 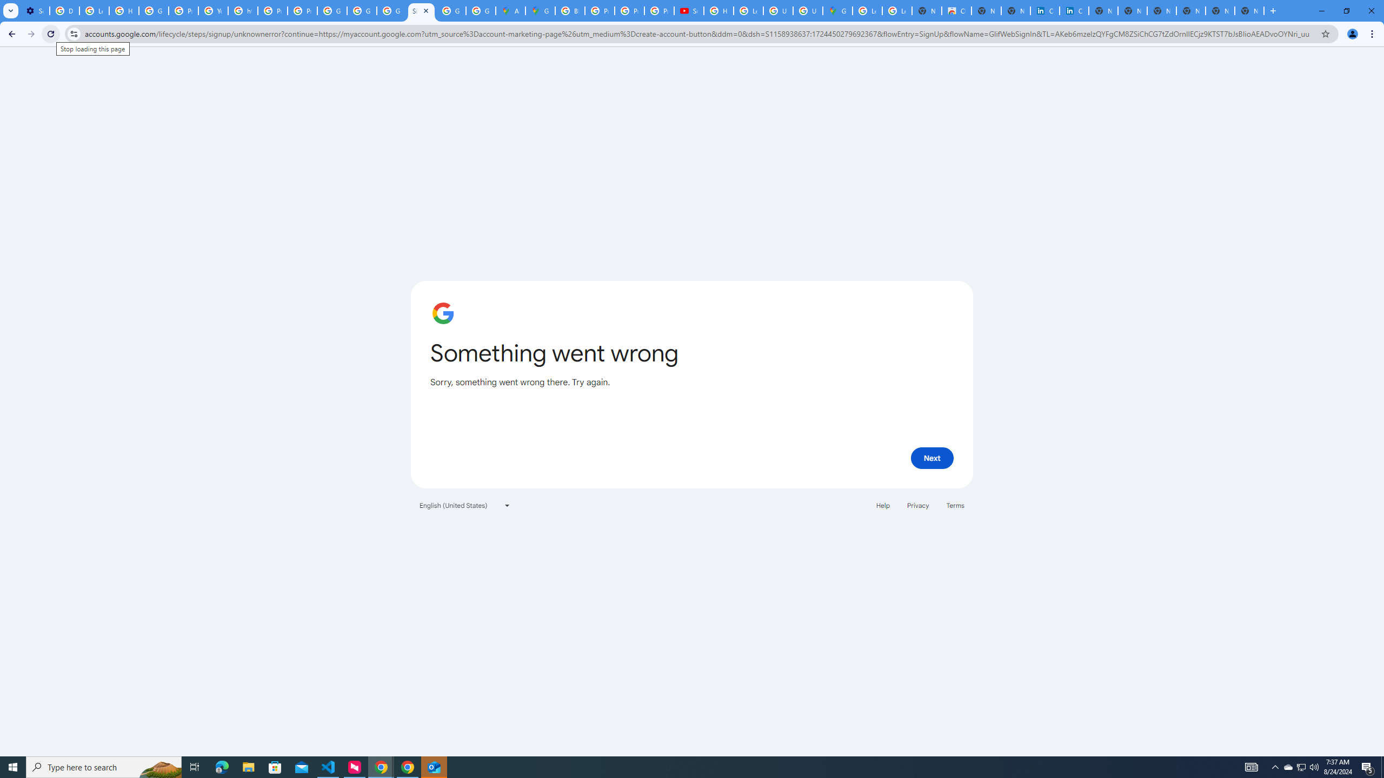 What do you see at coordinates (718, 10) in the screenshot?
I see `'How Chrome protects your passwords - Google Chrome Help'` at bounding box center [718, 10].